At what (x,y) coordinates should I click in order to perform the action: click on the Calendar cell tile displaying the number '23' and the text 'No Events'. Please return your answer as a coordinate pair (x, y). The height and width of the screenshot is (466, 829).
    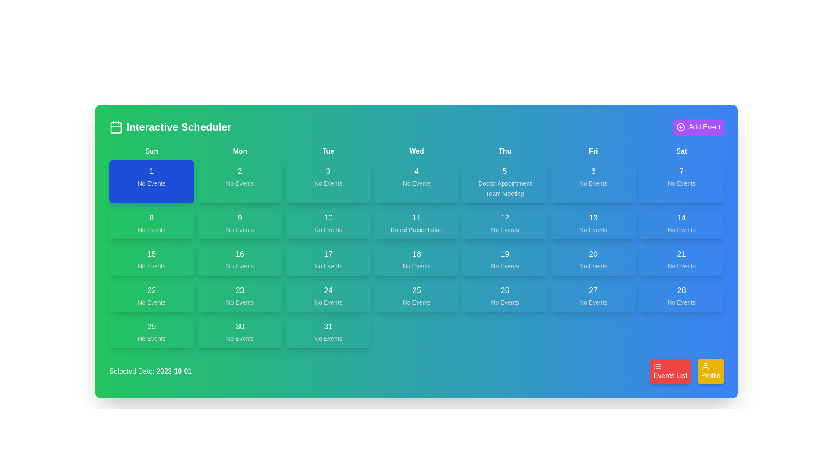
    Looking at the image, I should click on (240, 295).